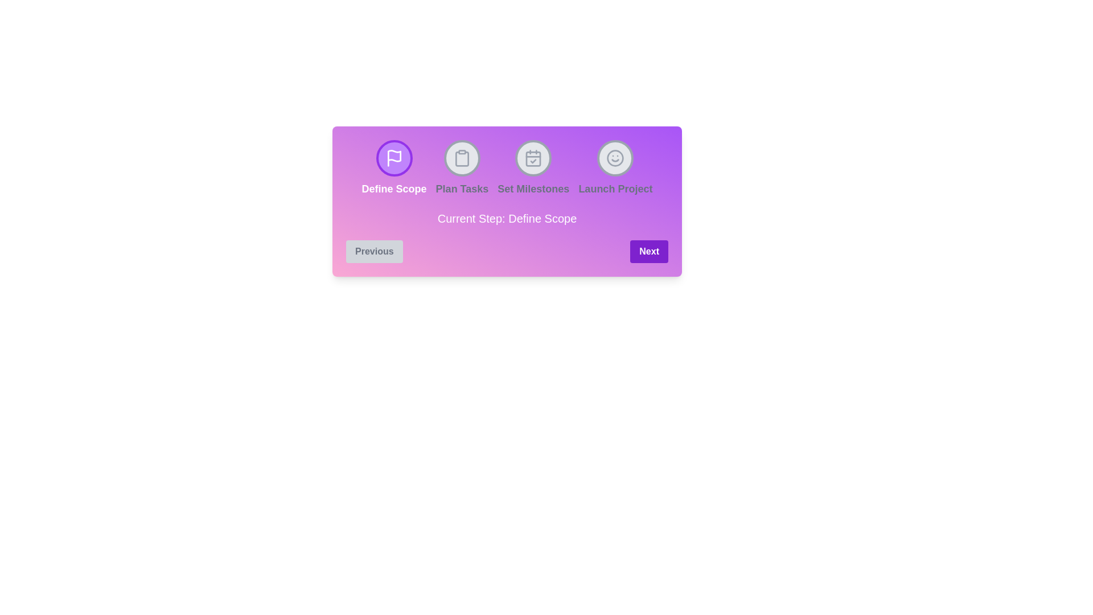 This screenshot has width=1093, height=615. Describe the element at coordinates (649, 251) in the screenshot. I see `the Next button to observe its hover effect` at that location.